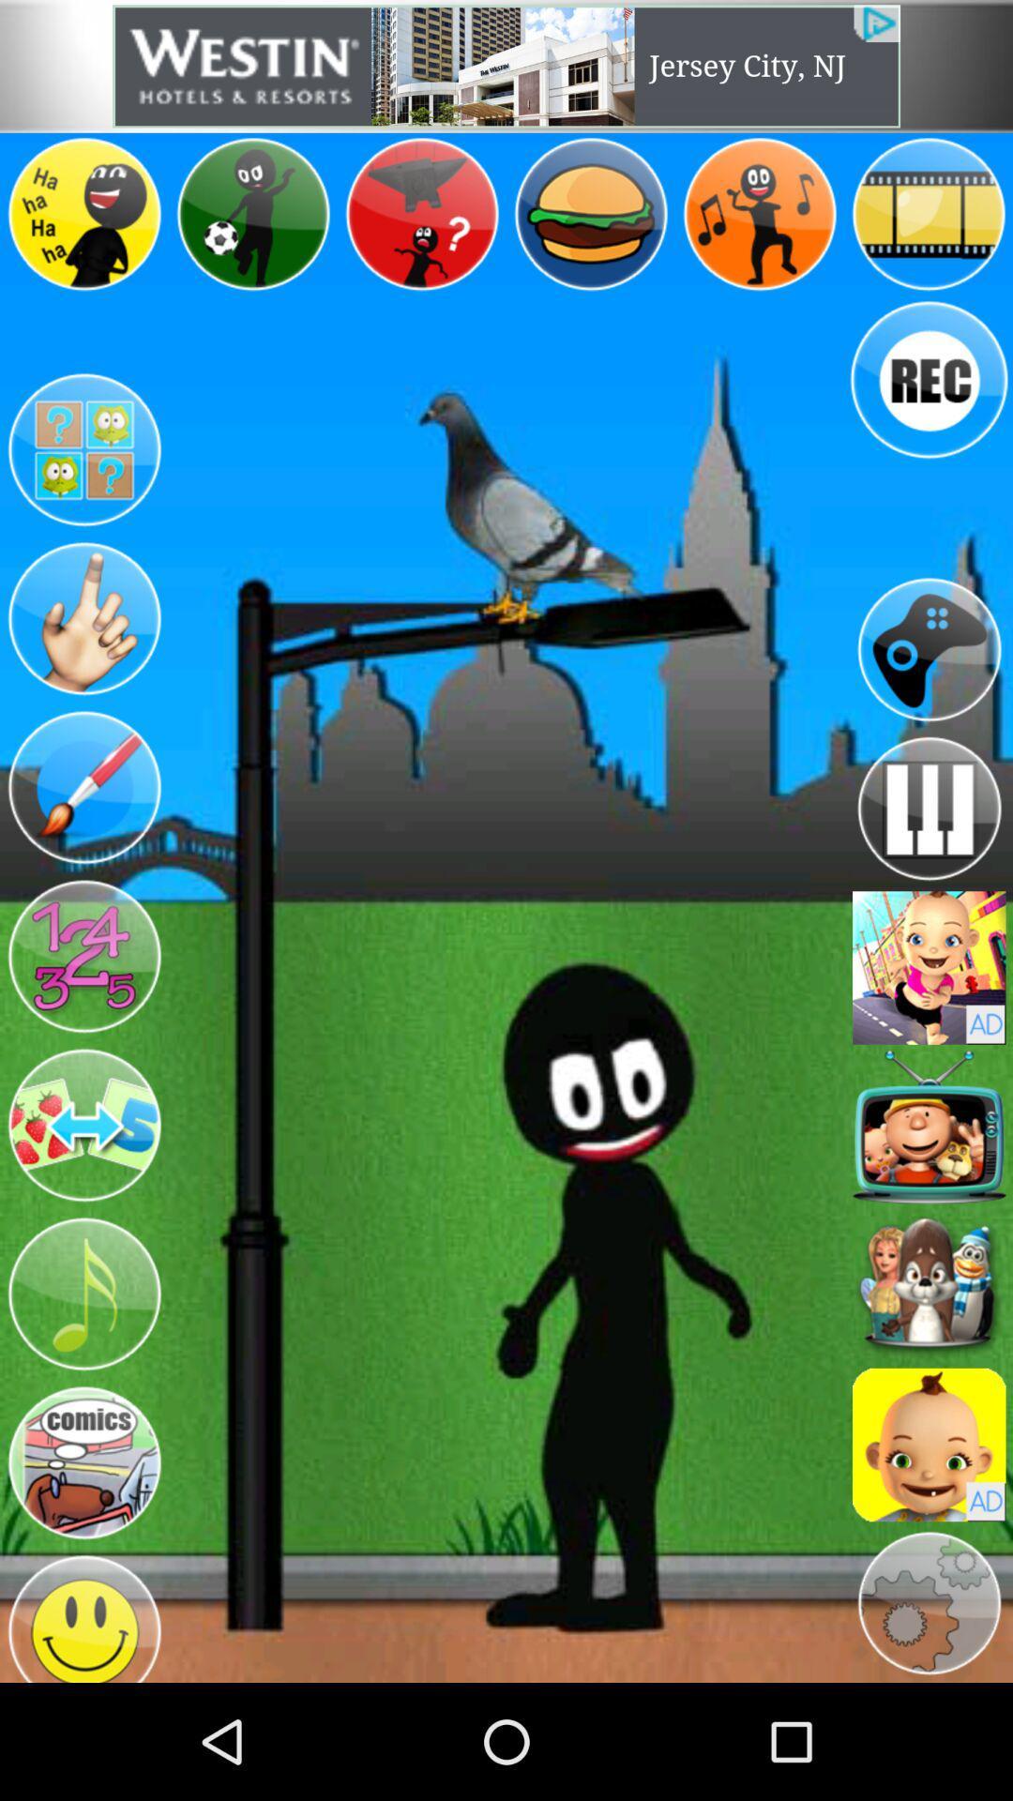  Describe the element at coordinates (83, 1728) in the screenshot. I see `the emoji icon` at that location.